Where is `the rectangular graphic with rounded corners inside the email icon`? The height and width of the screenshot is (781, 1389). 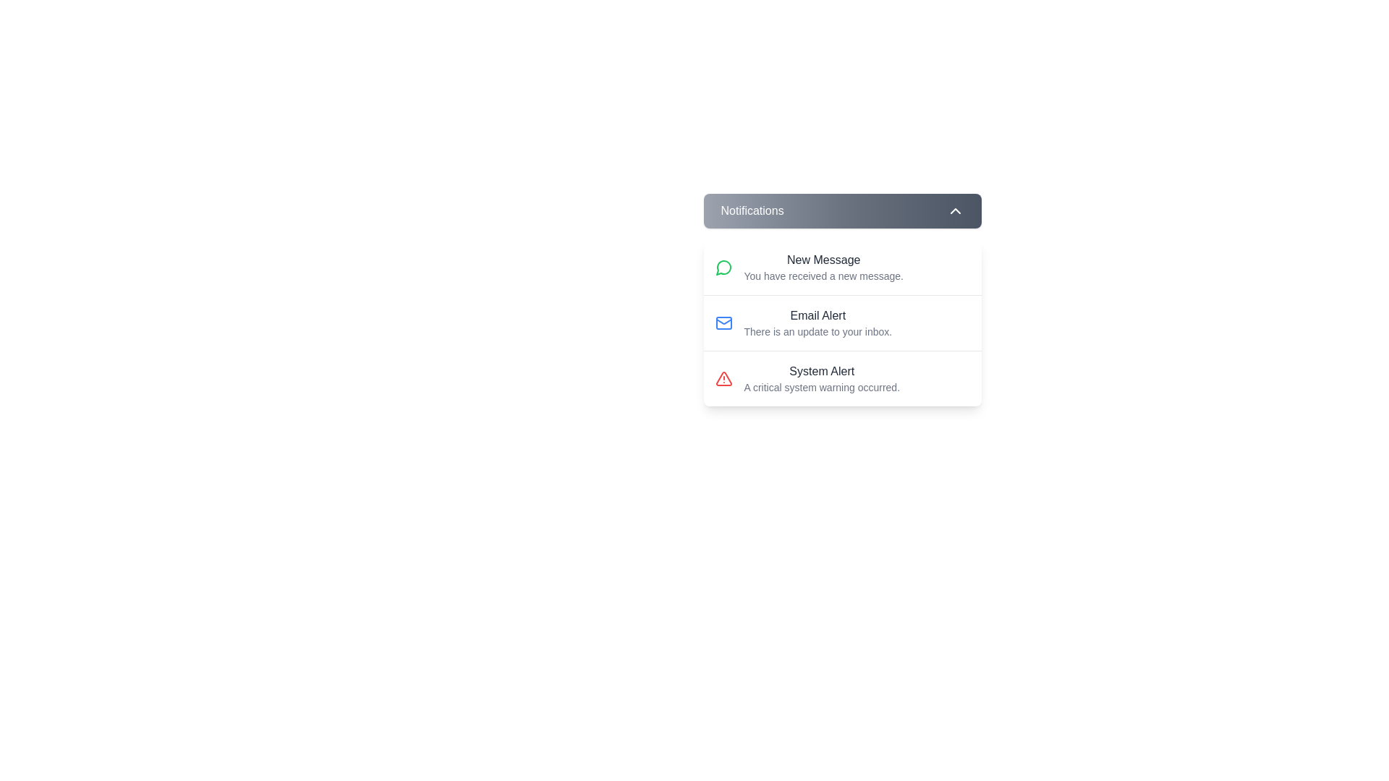 the rectangular graphic with rounded corners inside the email icon is located at coordinates (723, 323).